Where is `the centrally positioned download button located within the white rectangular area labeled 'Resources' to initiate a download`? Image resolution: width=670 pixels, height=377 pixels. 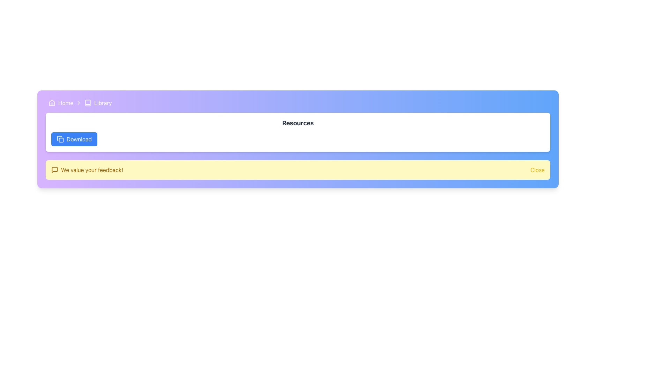 the centrally positioned download button located within the white rectangular area labeled 'Resources' to initiate a download is located at coordinates (74, 139).